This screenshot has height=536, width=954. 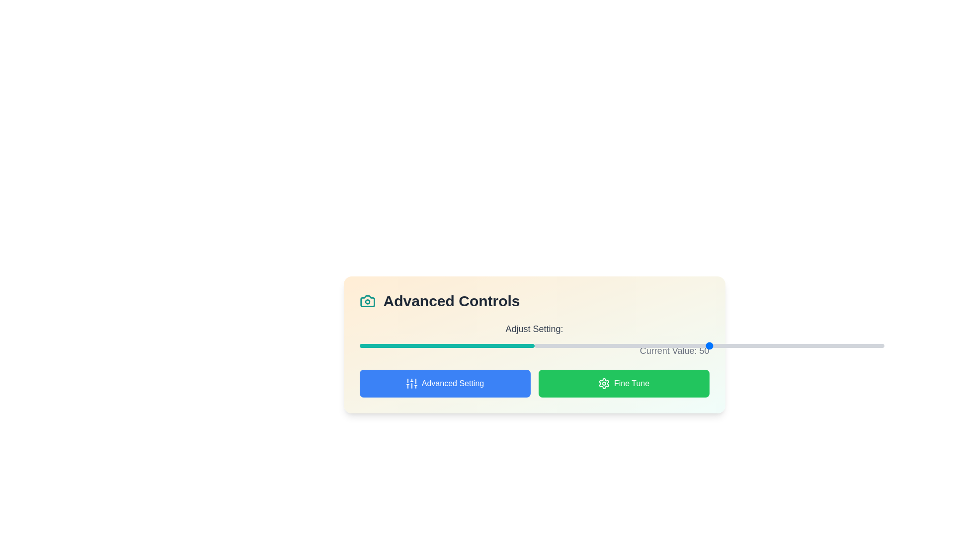 I want to click on the slider value, so click(x=856, y=345).